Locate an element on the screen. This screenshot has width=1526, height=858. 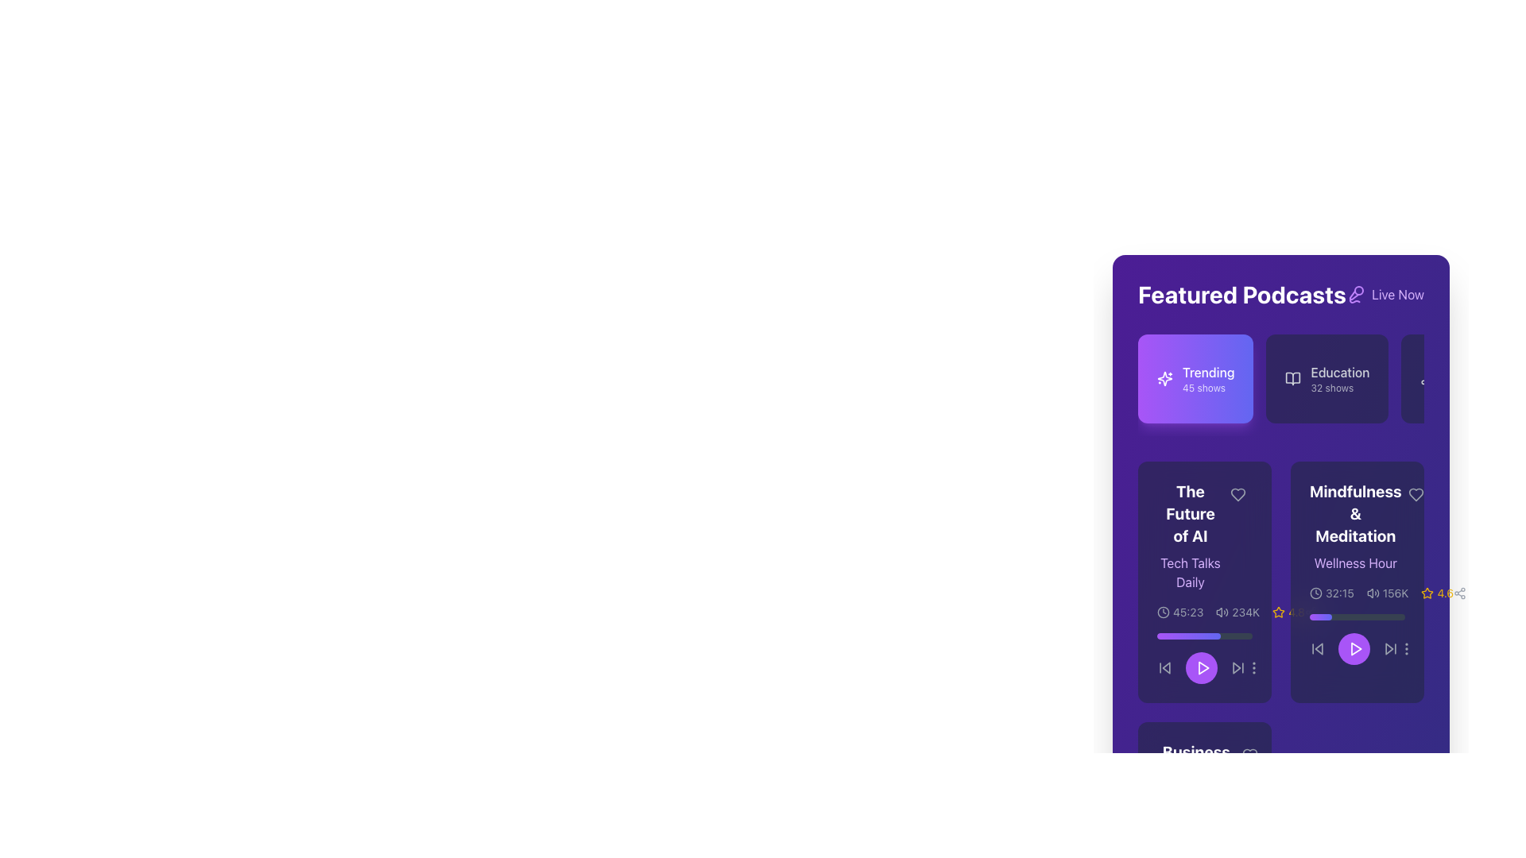
the speaker icon with sound waves located to the left of the text '234K' below the title 'The Future of AI' is located at coordinates (1222, 612).